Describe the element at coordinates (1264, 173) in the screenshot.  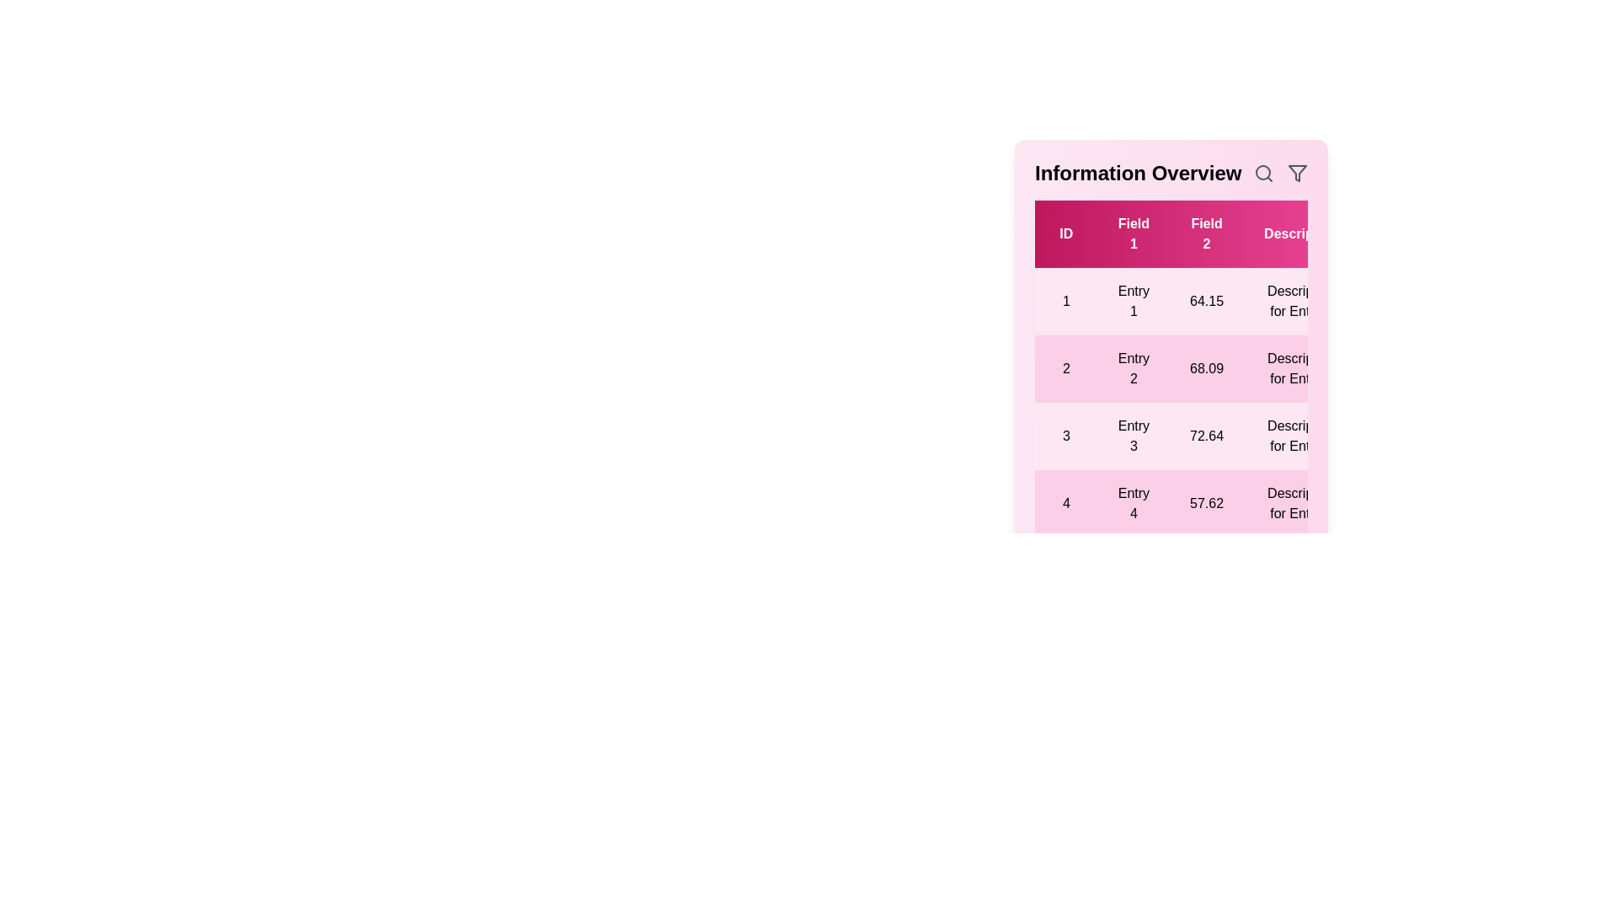
I see `the search icon to initiate a search action` at that location.